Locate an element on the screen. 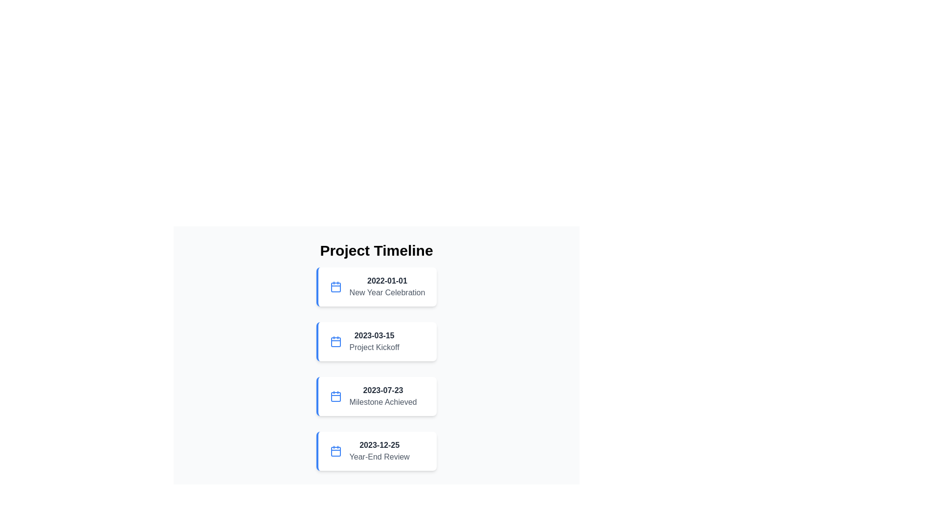  the Text Display element that shows '2023-12-25' is located at coordinates (379, 445).